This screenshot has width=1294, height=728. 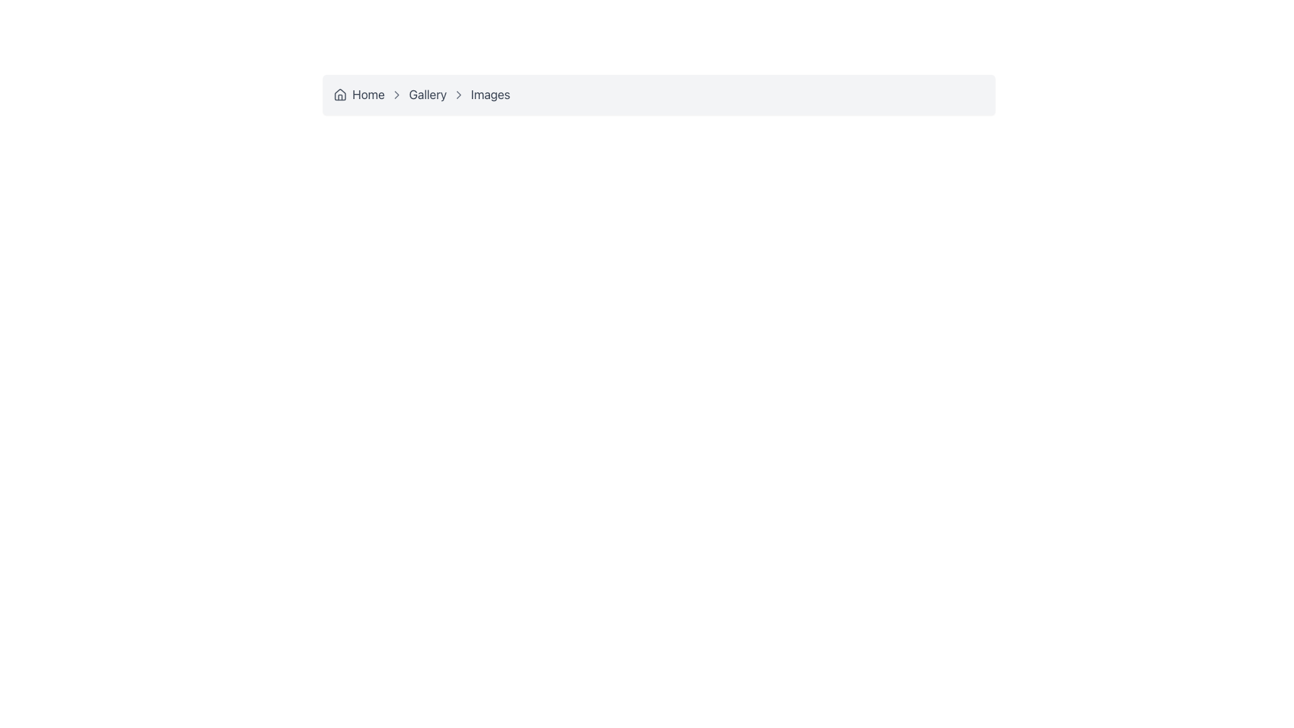 I want to click on the 'Home' link with a house-shaped icon in the breadcrumb navigation bar, located at the upper-left of the interface, so click(x=359, y=94).